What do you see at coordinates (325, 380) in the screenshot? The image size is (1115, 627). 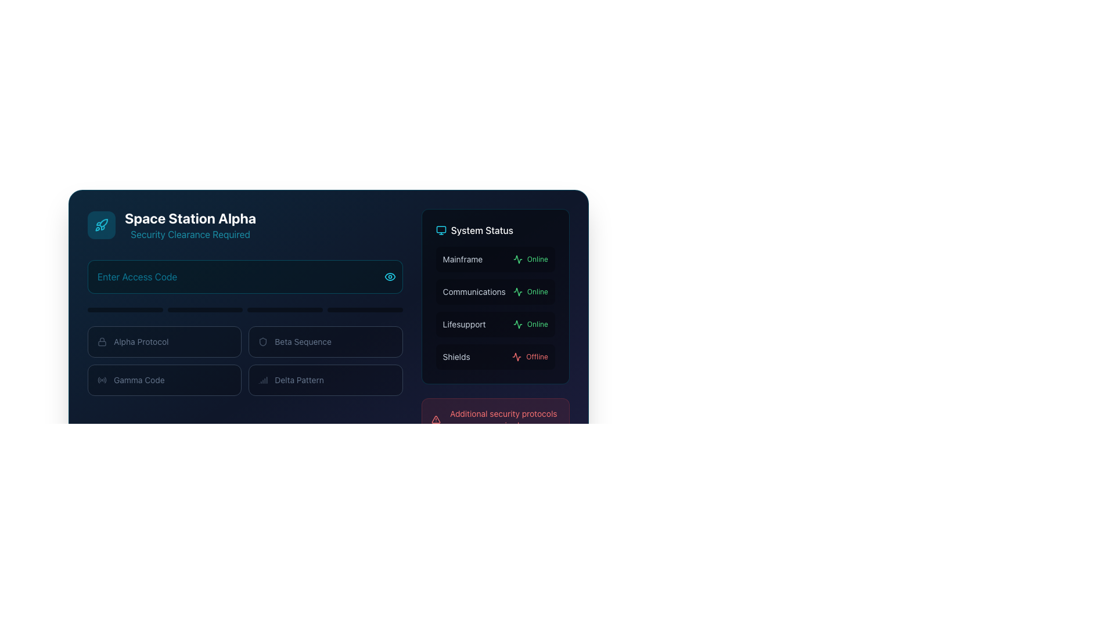 I see `the interactive card labeled 'Delta Pattern' with a dark semi-transparent background located in the lower-right corner of the grid layout` at bounding box center [325, 380].